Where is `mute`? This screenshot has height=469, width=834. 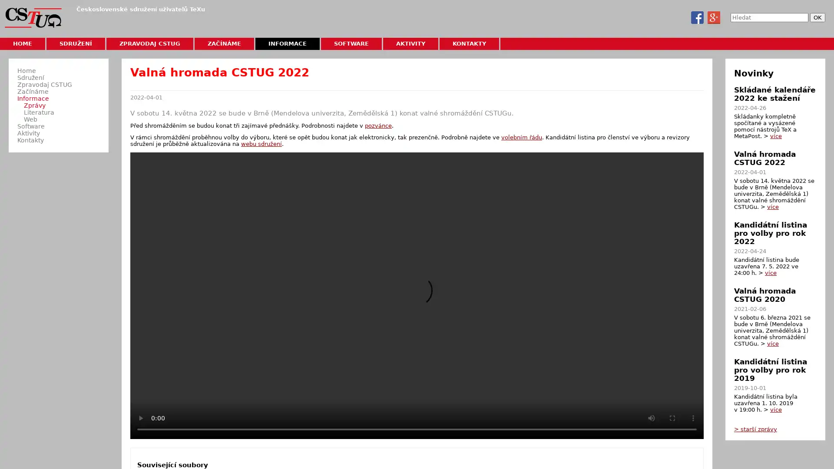
mute is located at coordinates (651, 417).